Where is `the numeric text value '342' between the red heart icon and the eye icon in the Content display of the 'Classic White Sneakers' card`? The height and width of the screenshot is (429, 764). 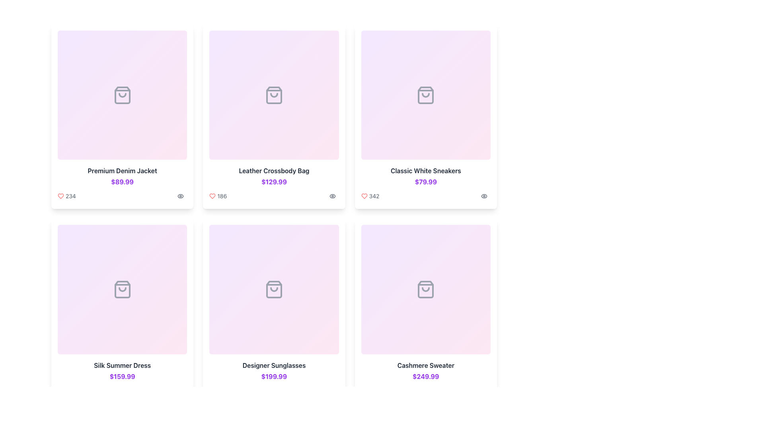 the numeric text value '342' between the red heart icon and the eye icon in the Content display of the 'Classic White Sneakers' card is located at coordinates (425, 196).